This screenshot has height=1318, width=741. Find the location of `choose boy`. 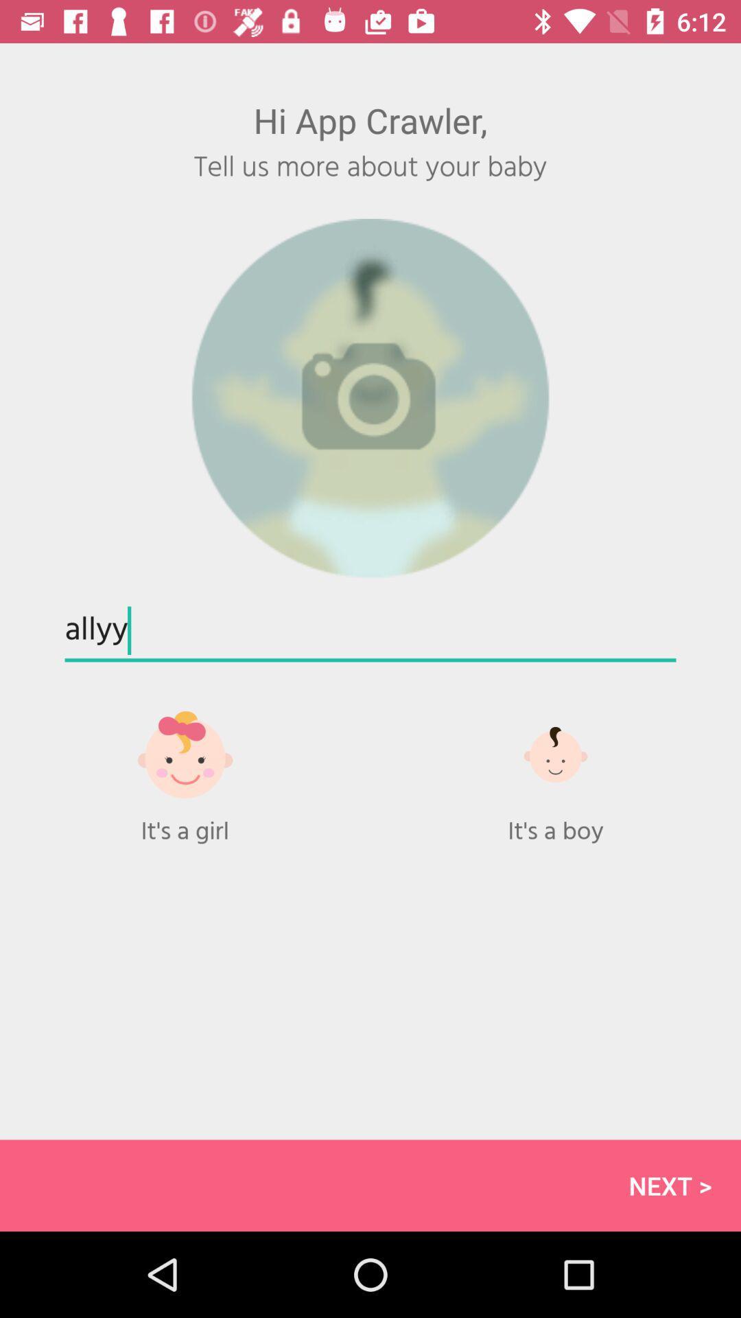

choose boy is located at coordinates (556, 754).